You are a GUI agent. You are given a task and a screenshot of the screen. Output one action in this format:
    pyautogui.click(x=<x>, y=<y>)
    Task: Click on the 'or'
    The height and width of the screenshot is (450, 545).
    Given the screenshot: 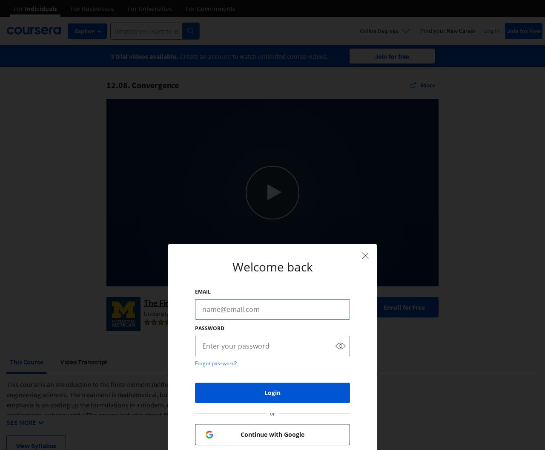 What is the action you would take?
    pyautogui.click(x=272, y=413)
    